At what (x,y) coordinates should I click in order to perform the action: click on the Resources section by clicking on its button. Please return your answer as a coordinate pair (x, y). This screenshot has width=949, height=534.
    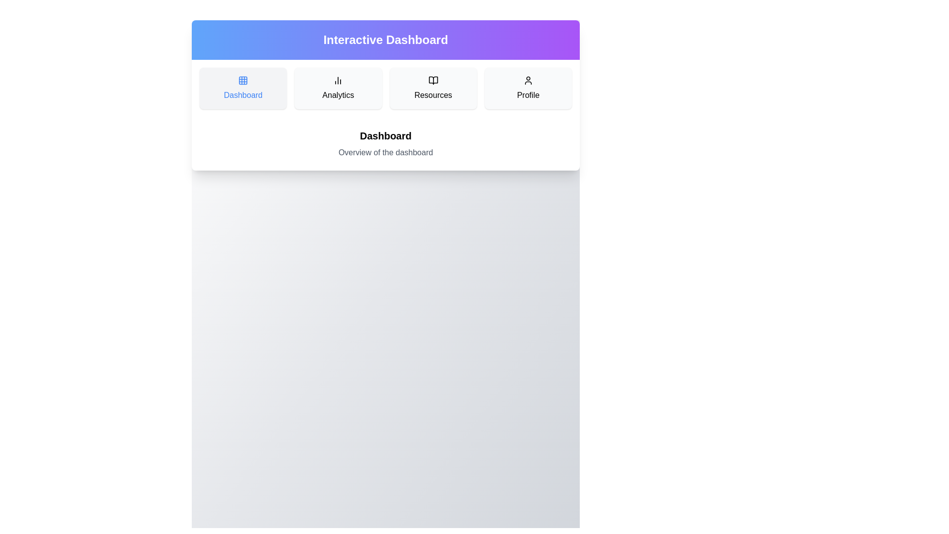
    Looking at the image, I should click on (433, 88).